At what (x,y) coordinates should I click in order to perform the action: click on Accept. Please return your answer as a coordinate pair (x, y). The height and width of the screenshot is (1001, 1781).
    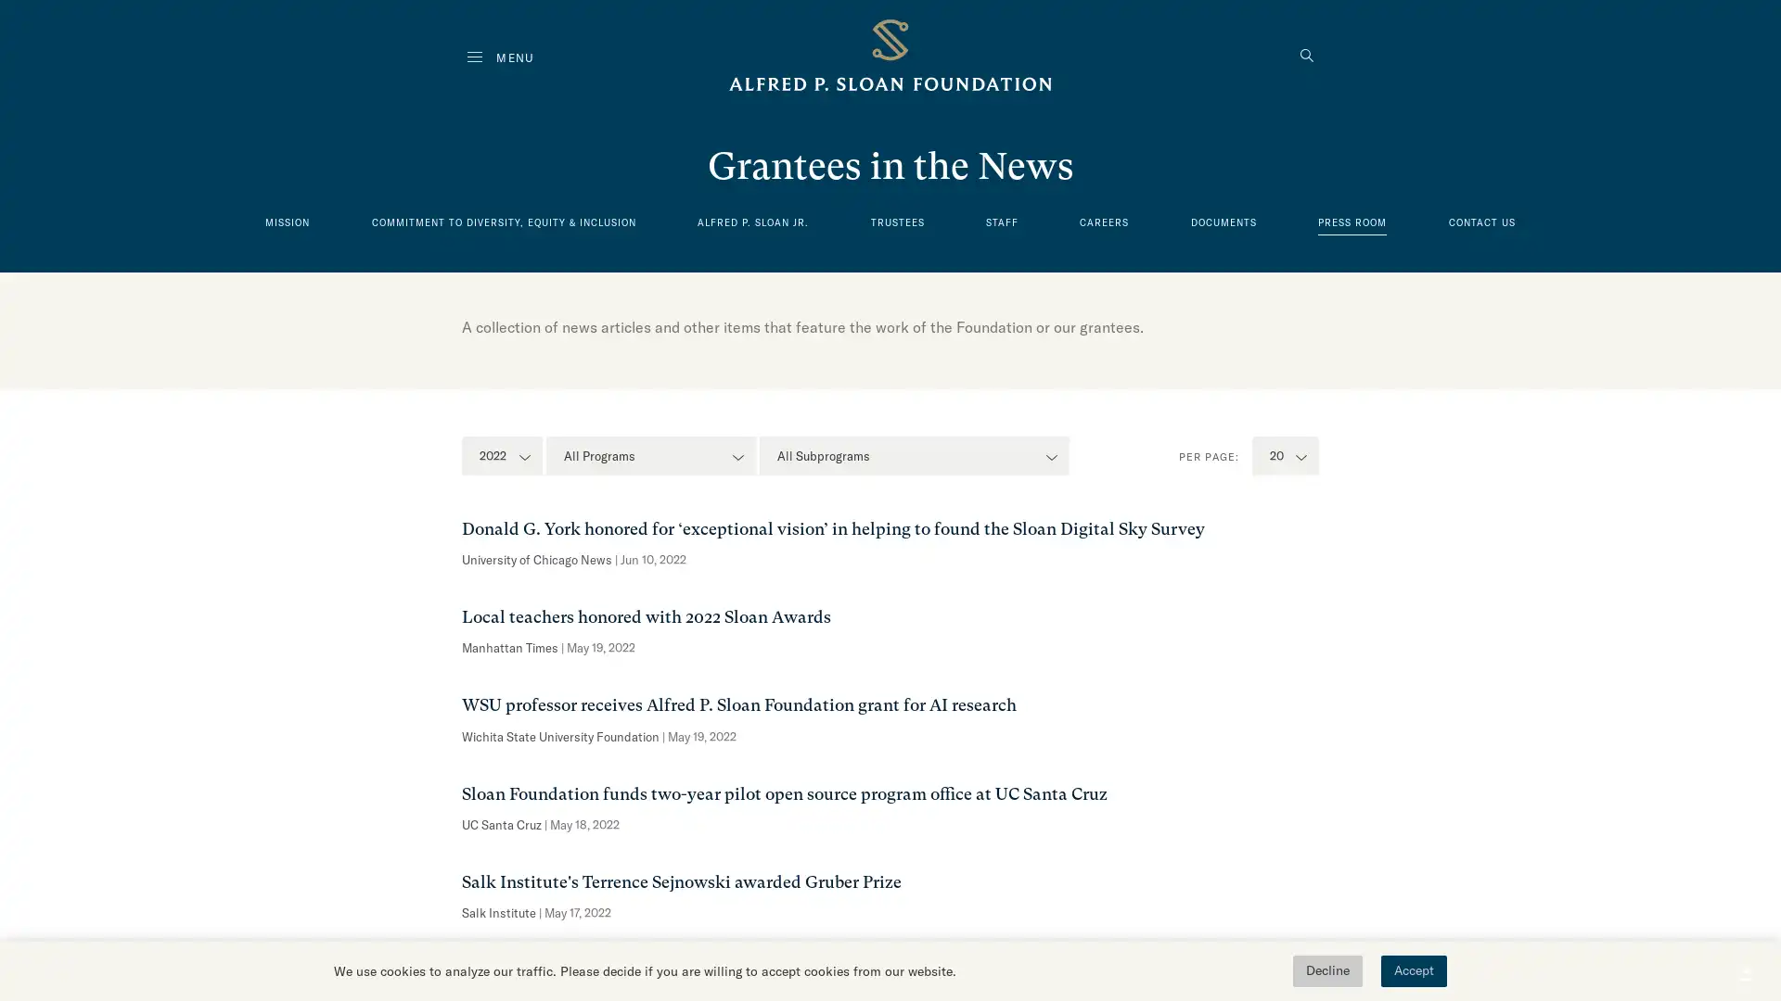
    Looking at the image, I should click on (1413, 970).